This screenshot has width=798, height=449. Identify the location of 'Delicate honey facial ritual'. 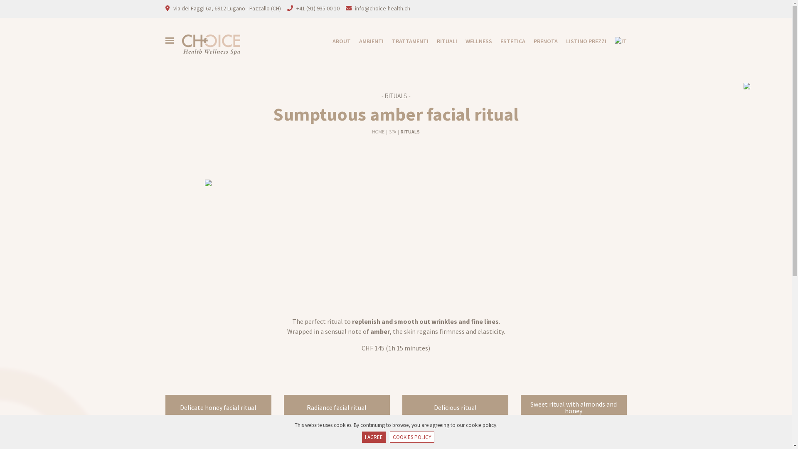
(165, 407).